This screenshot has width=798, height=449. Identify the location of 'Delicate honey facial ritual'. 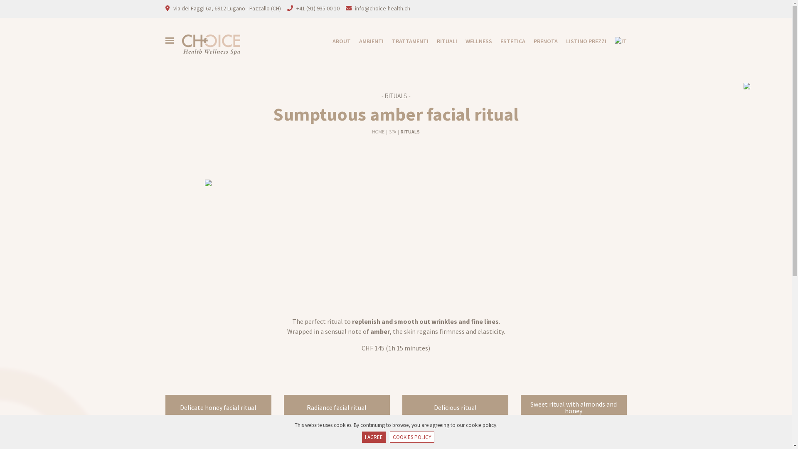
(165, 407).